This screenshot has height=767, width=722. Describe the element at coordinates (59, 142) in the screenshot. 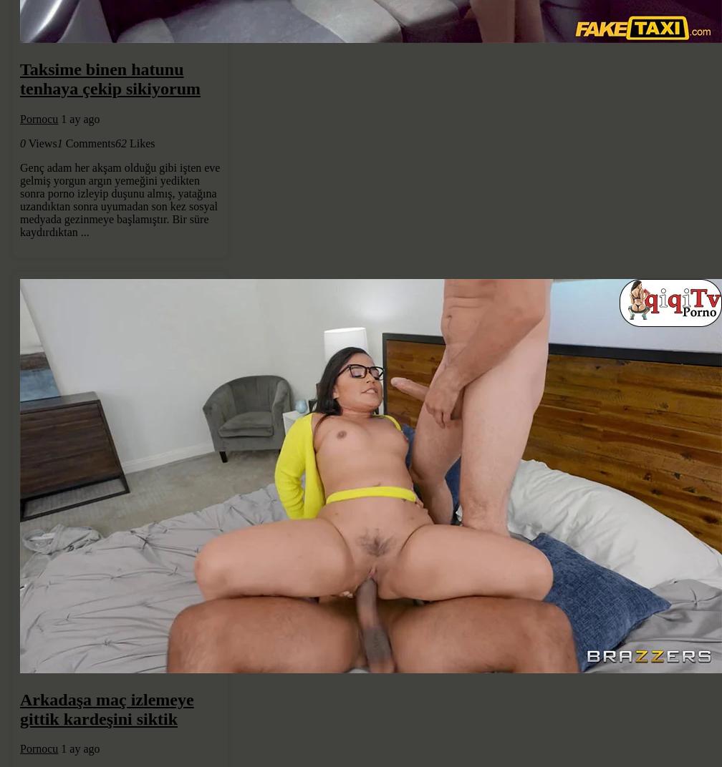

I see `'1'` at that location.